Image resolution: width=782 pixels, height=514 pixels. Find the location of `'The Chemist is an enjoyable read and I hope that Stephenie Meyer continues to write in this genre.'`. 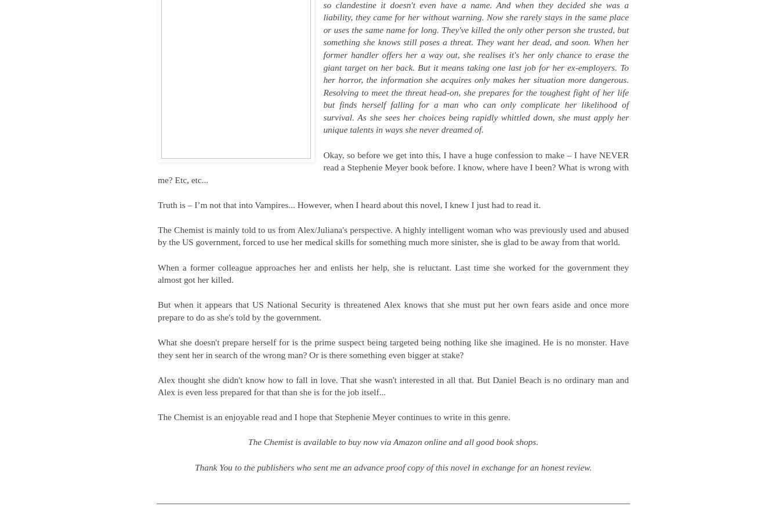

'The Chemist is an enjoyable read and I hope that Stephenie Meyer continues to write in this genre.' is located at coordinates (334, 417).